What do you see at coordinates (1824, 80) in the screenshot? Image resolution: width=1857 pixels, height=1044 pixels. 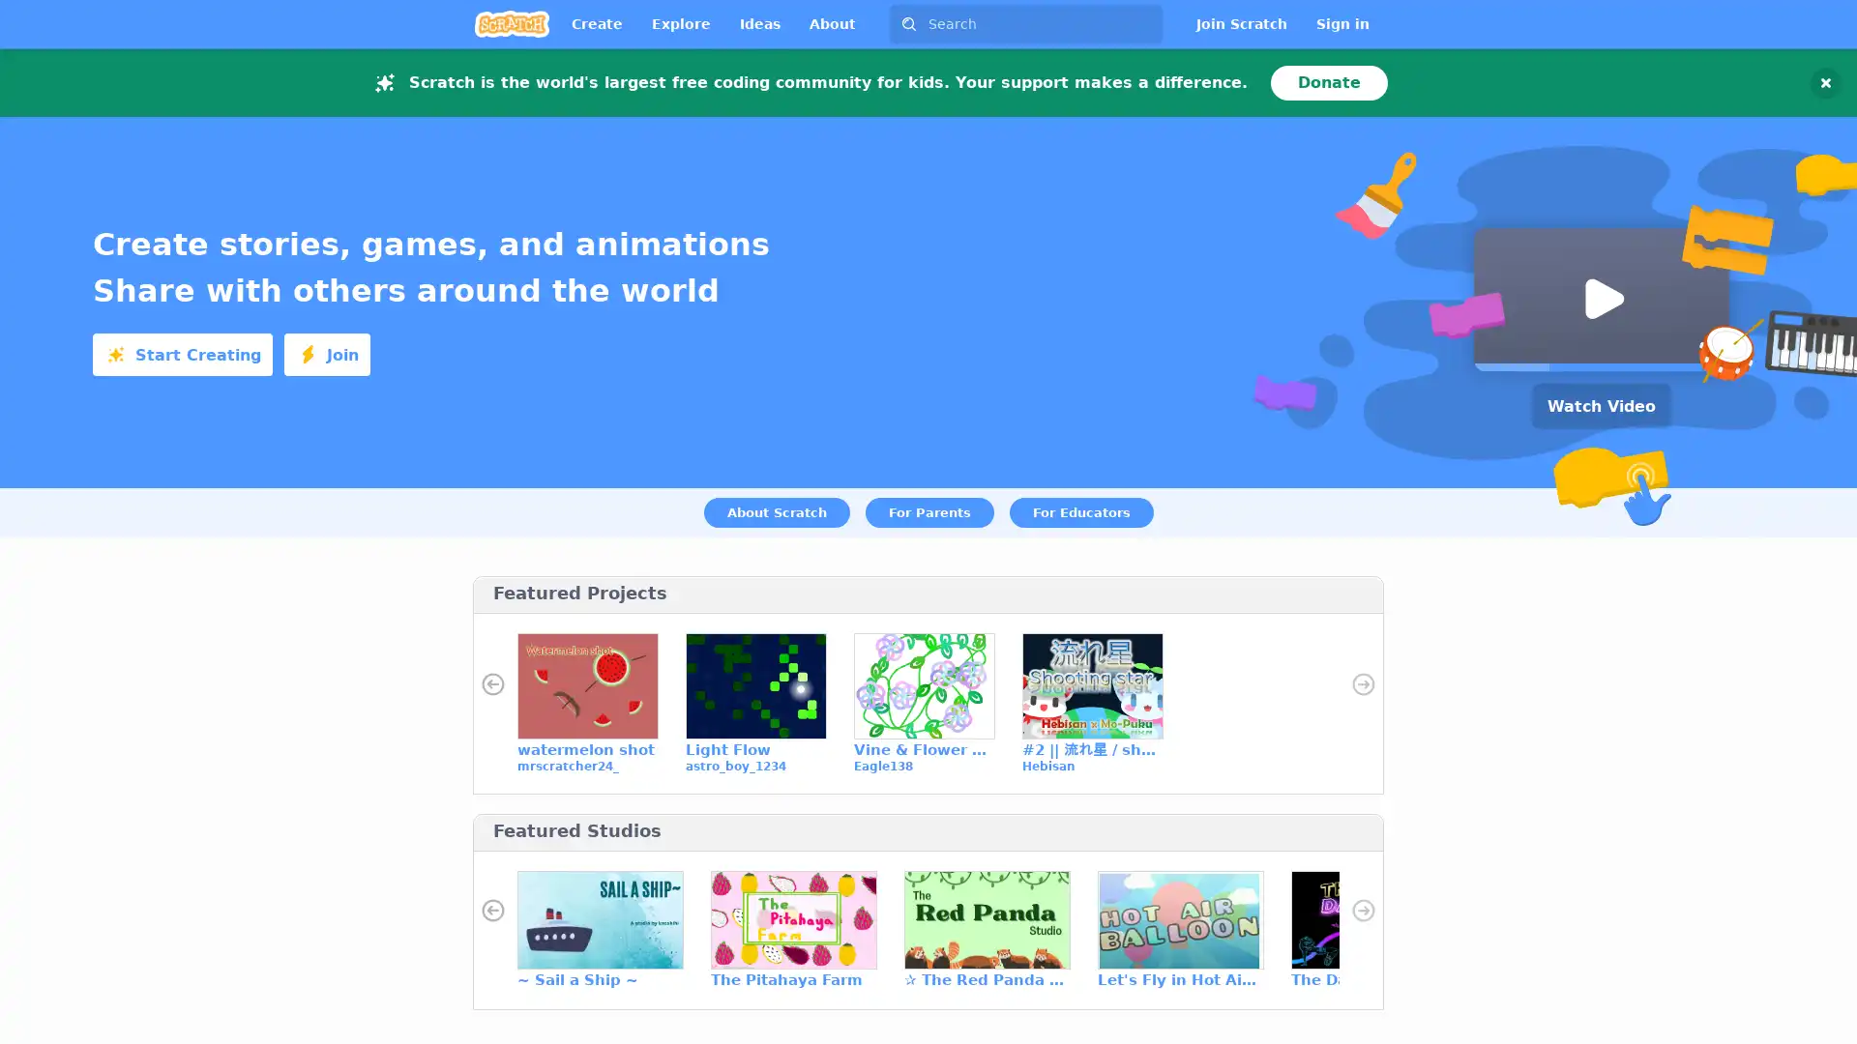 I see `close-icon` at bounding box center [1824, 80].